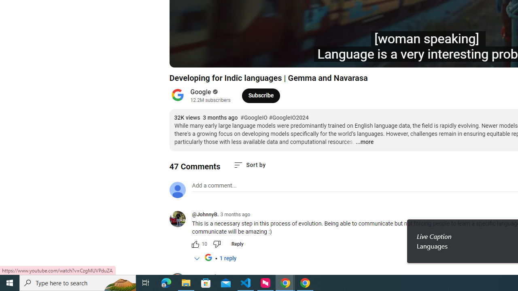  I want to click on '#GoogleIO', so click(253, 118).